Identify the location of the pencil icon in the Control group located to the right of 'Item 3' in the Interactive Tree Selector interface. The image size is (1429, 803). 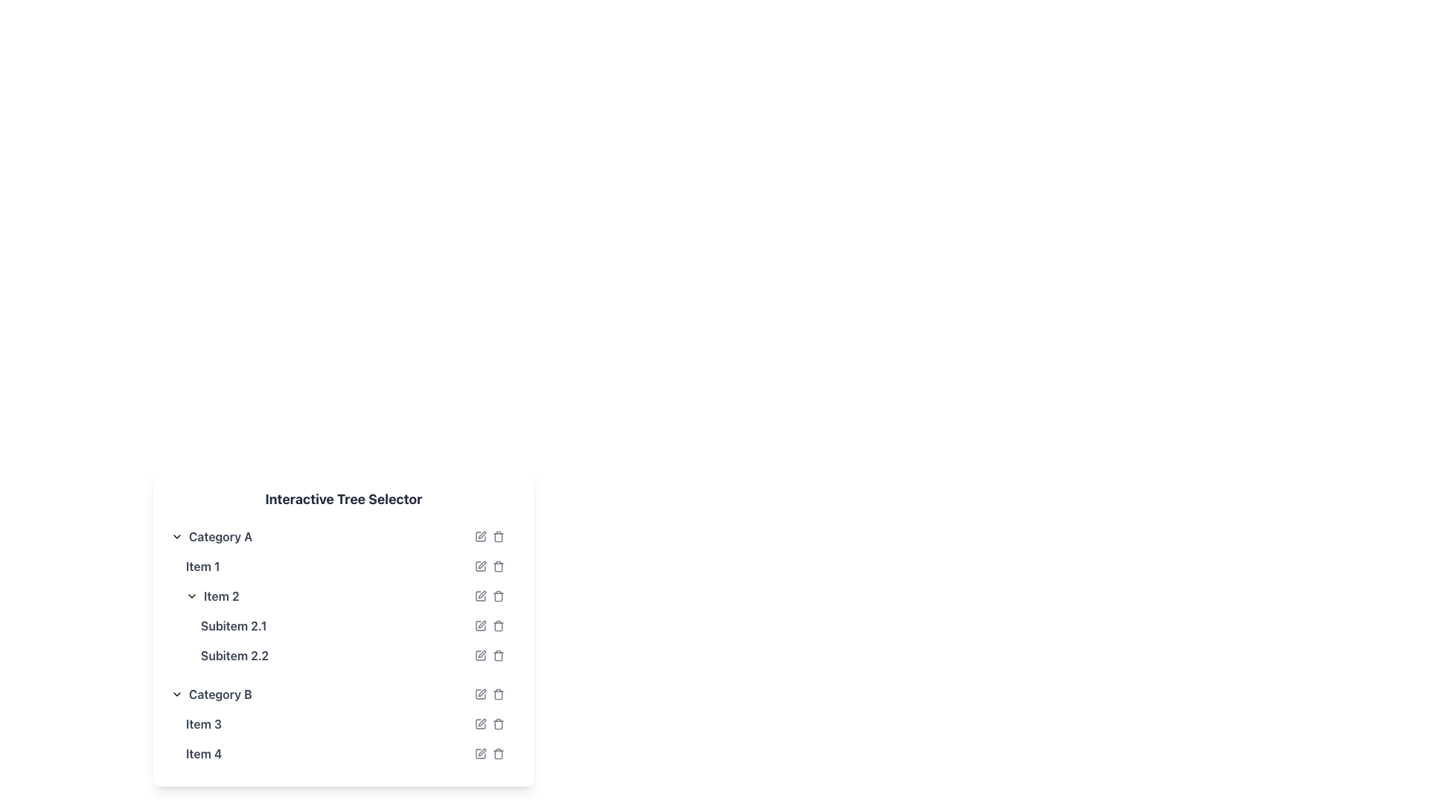
(489, 723).